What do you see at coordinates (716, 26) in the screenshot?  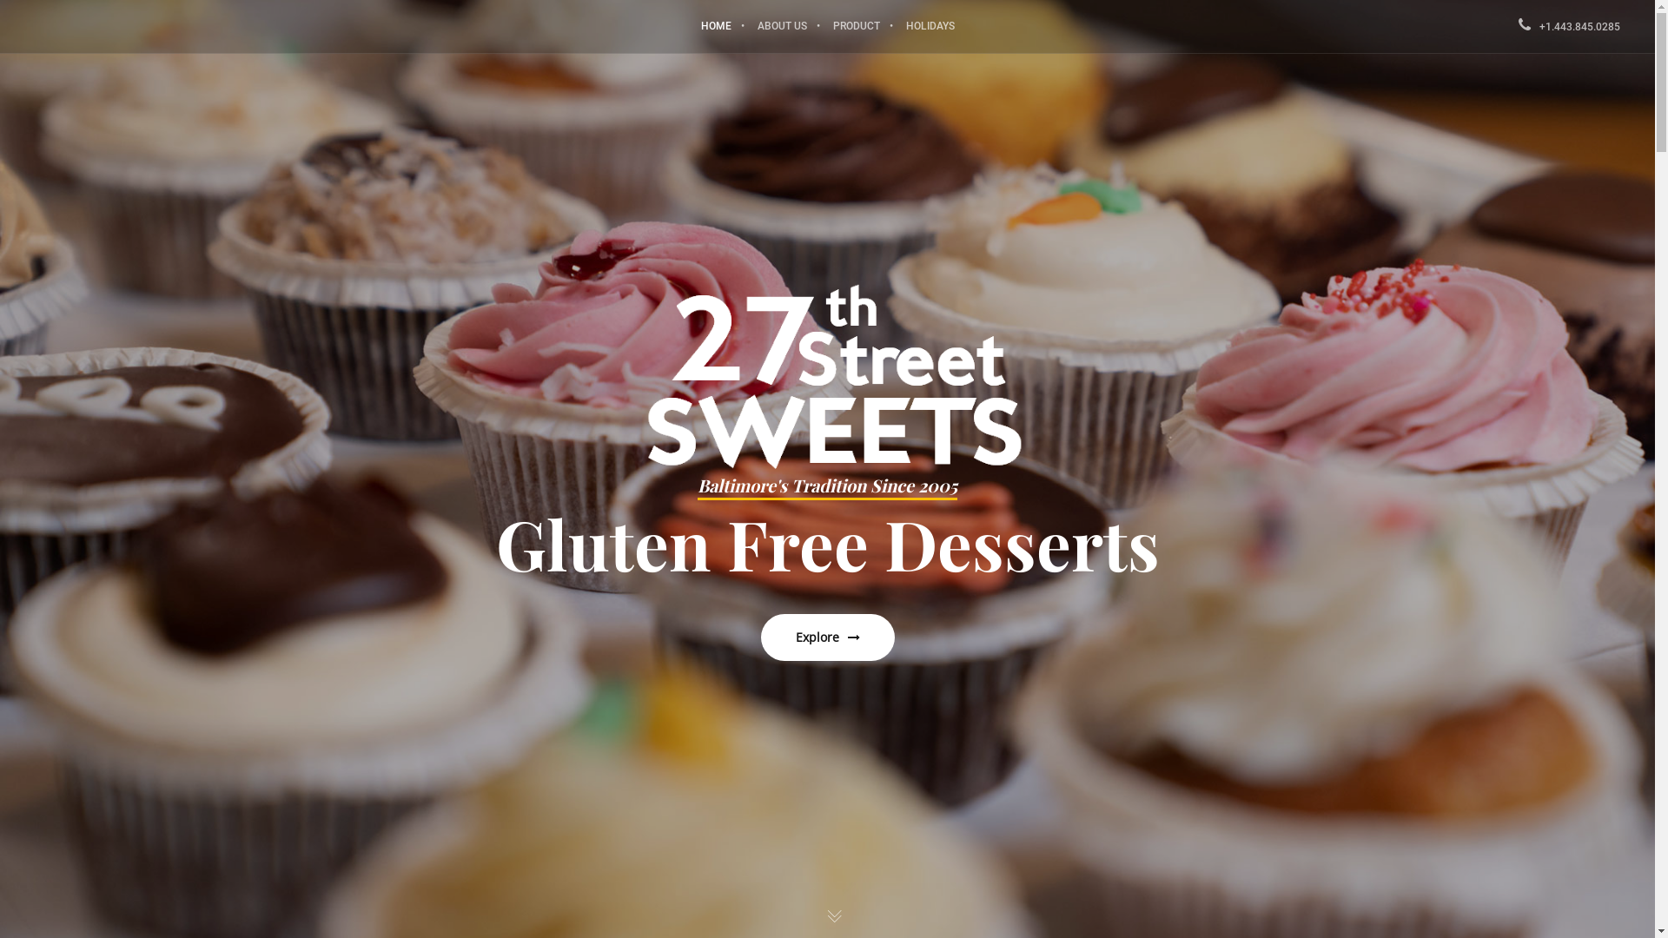 I see `'HOME'` at bounding box center [716, 26].